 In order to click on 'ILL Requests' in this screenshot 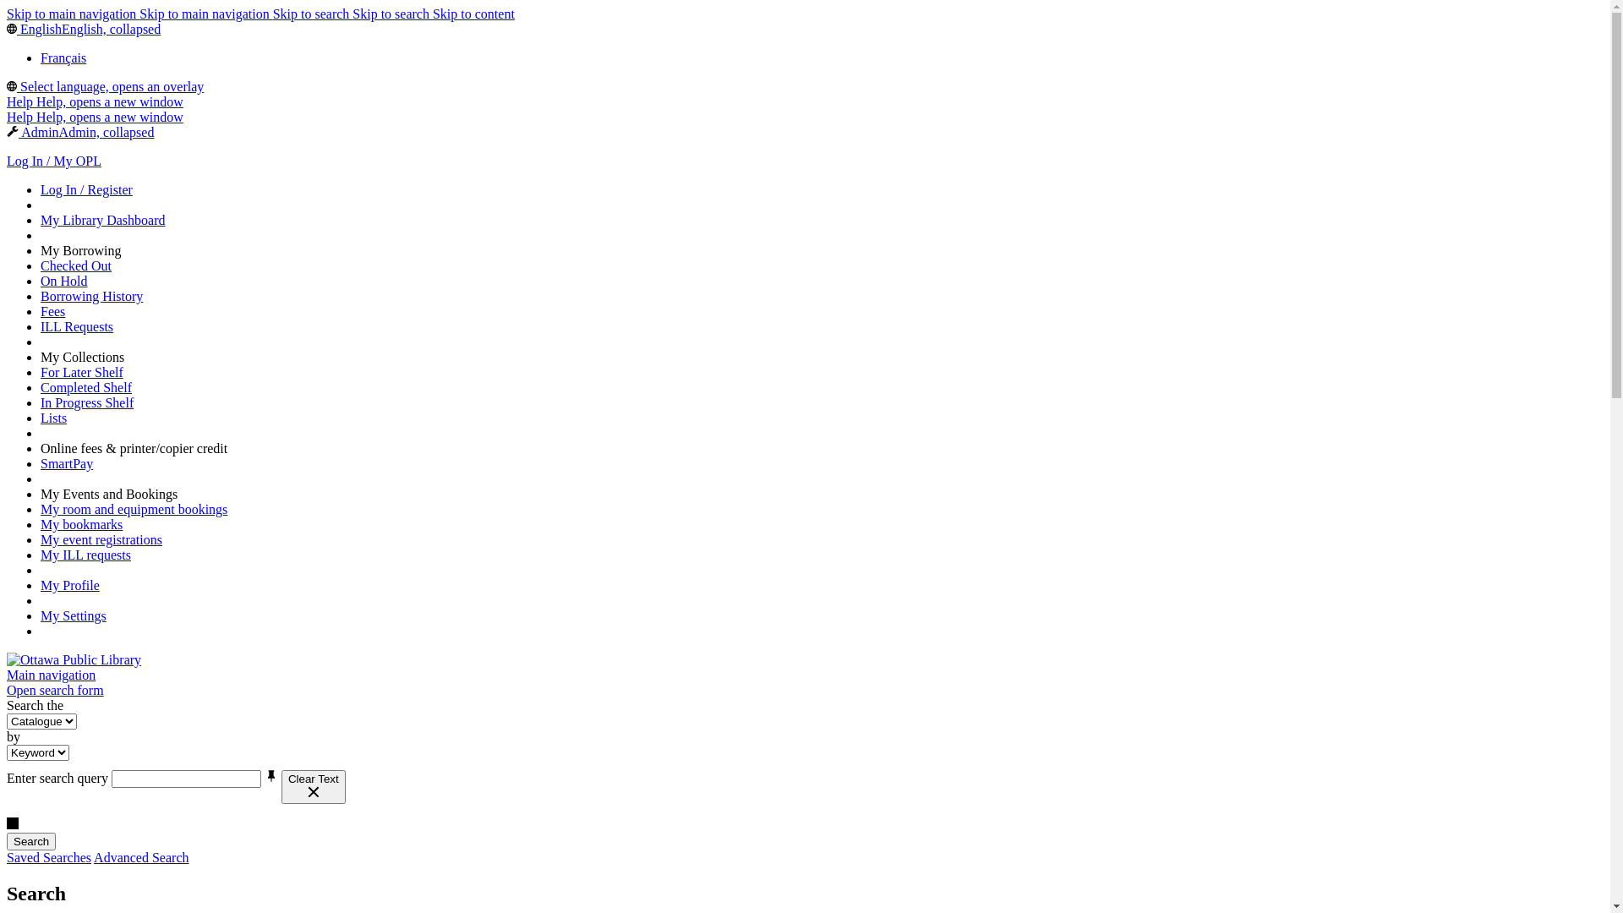, I will do `click(76, 326)`.